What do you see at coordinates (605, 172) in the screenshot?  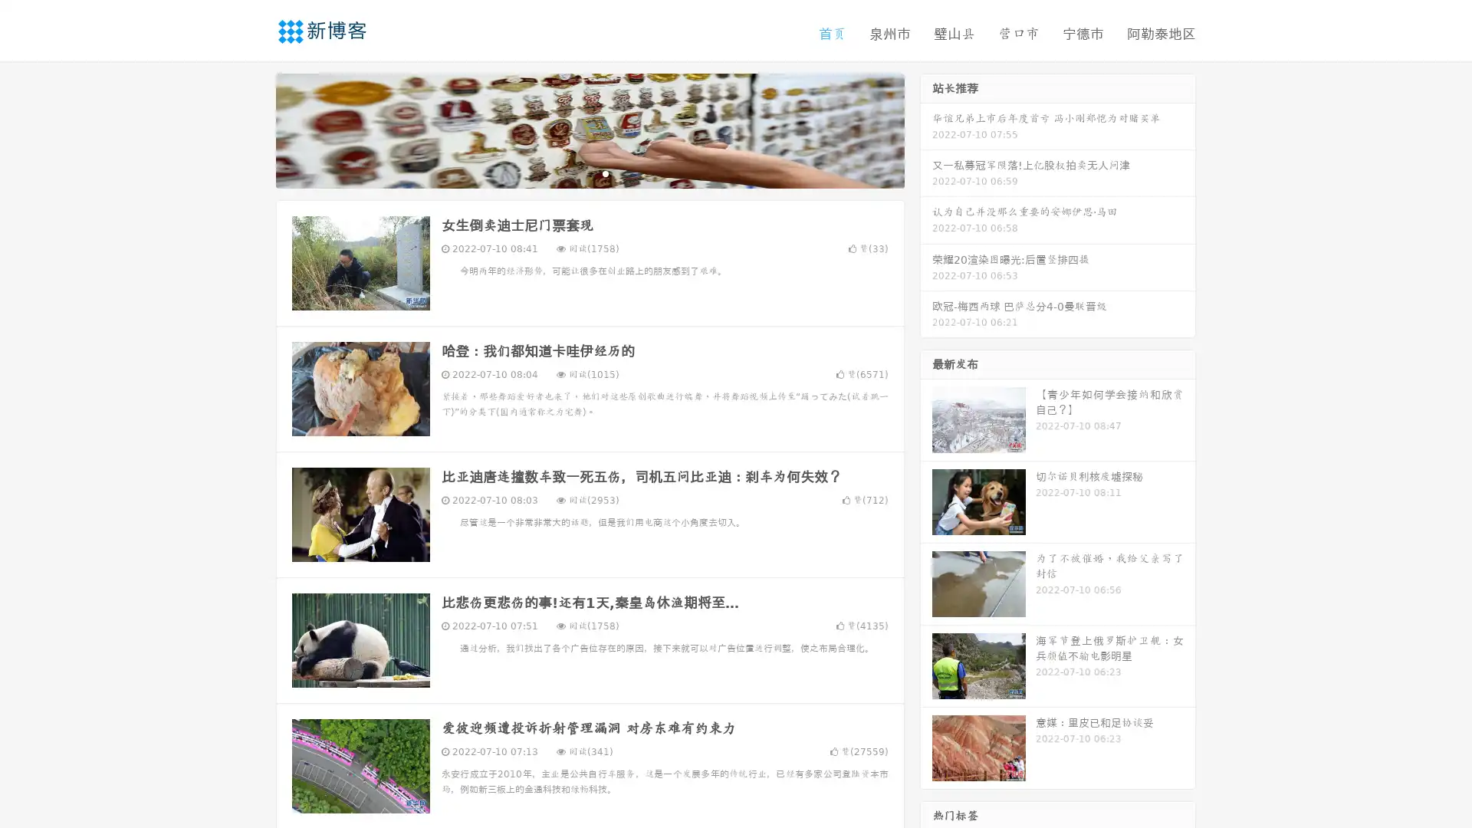 I see `Go to slide 3` at bounding box center [605, 172].